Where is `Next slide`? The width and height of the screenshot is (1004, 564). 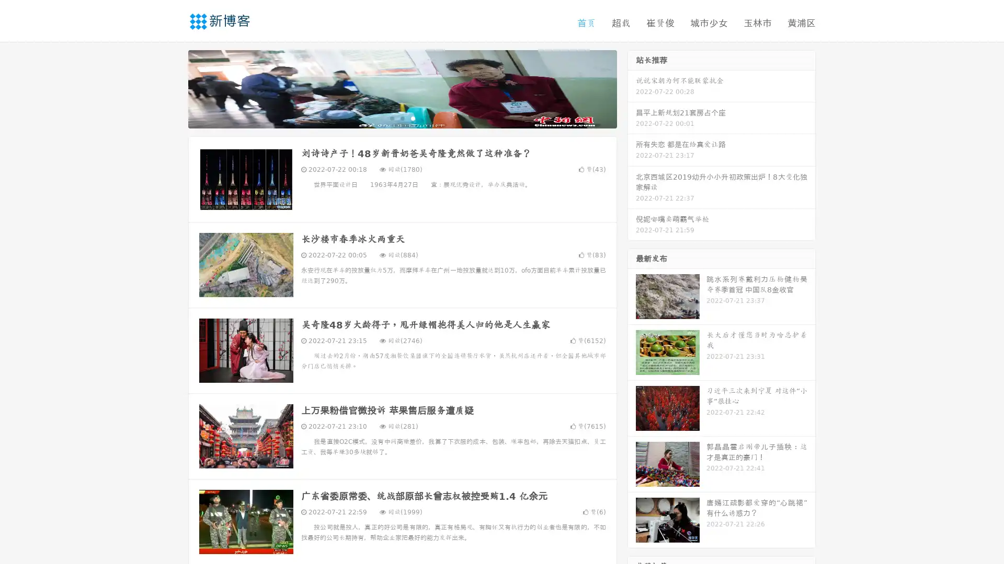
Next slide is located at coordinates (632, 88).